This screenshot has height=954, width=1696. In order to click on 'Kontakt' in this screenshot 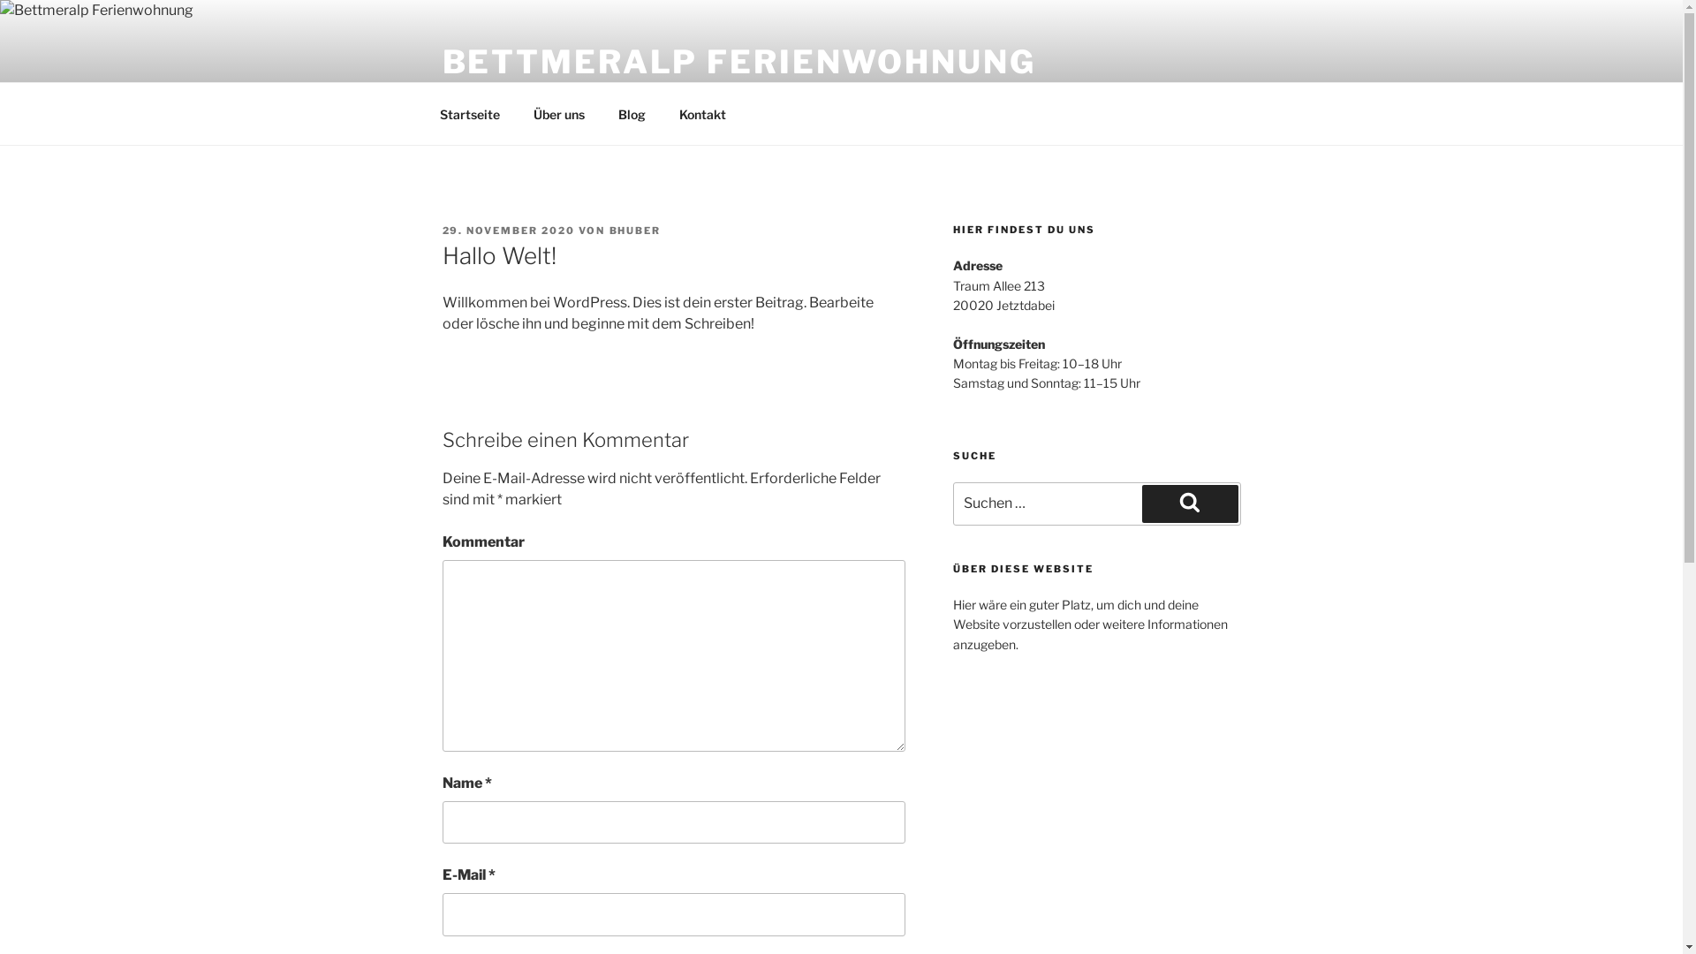, I will do `click(702, 113)`.